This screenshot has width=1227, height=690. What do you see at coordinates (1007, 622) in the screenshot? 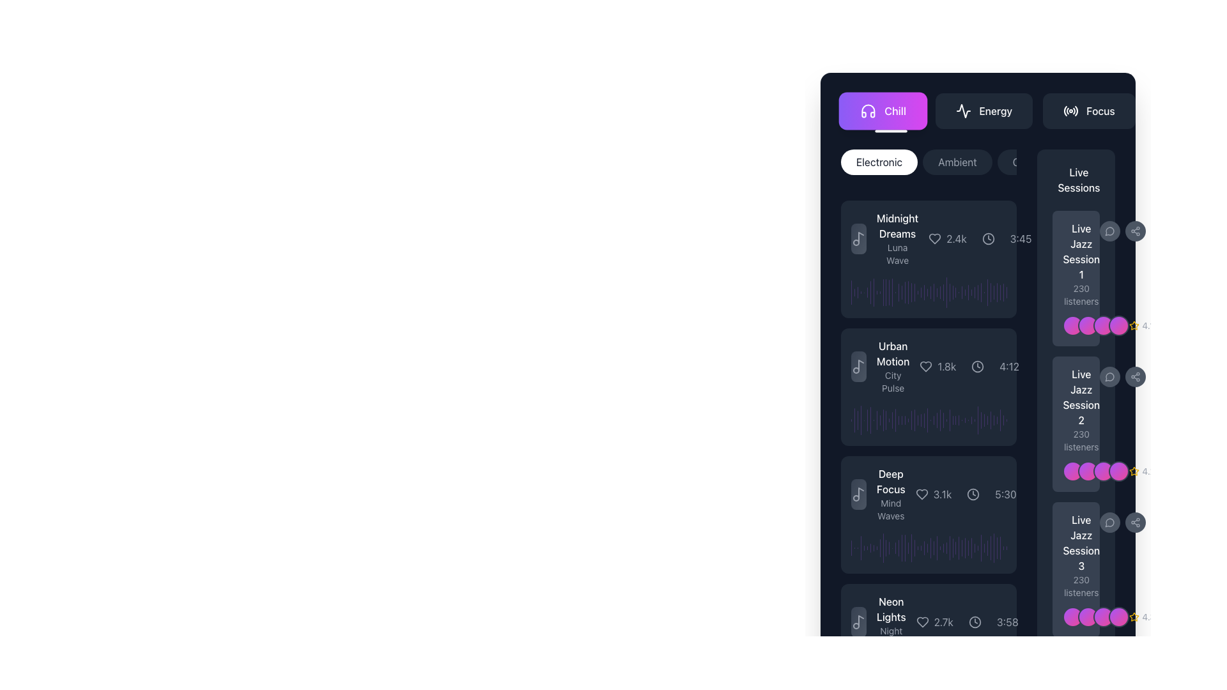
I see `the Text Label that indicates the duration of the music track 'Neon Lights', positioned to the right of the clock icon within the bottom right corner of the music track card` at bounding box center [1007, 622].